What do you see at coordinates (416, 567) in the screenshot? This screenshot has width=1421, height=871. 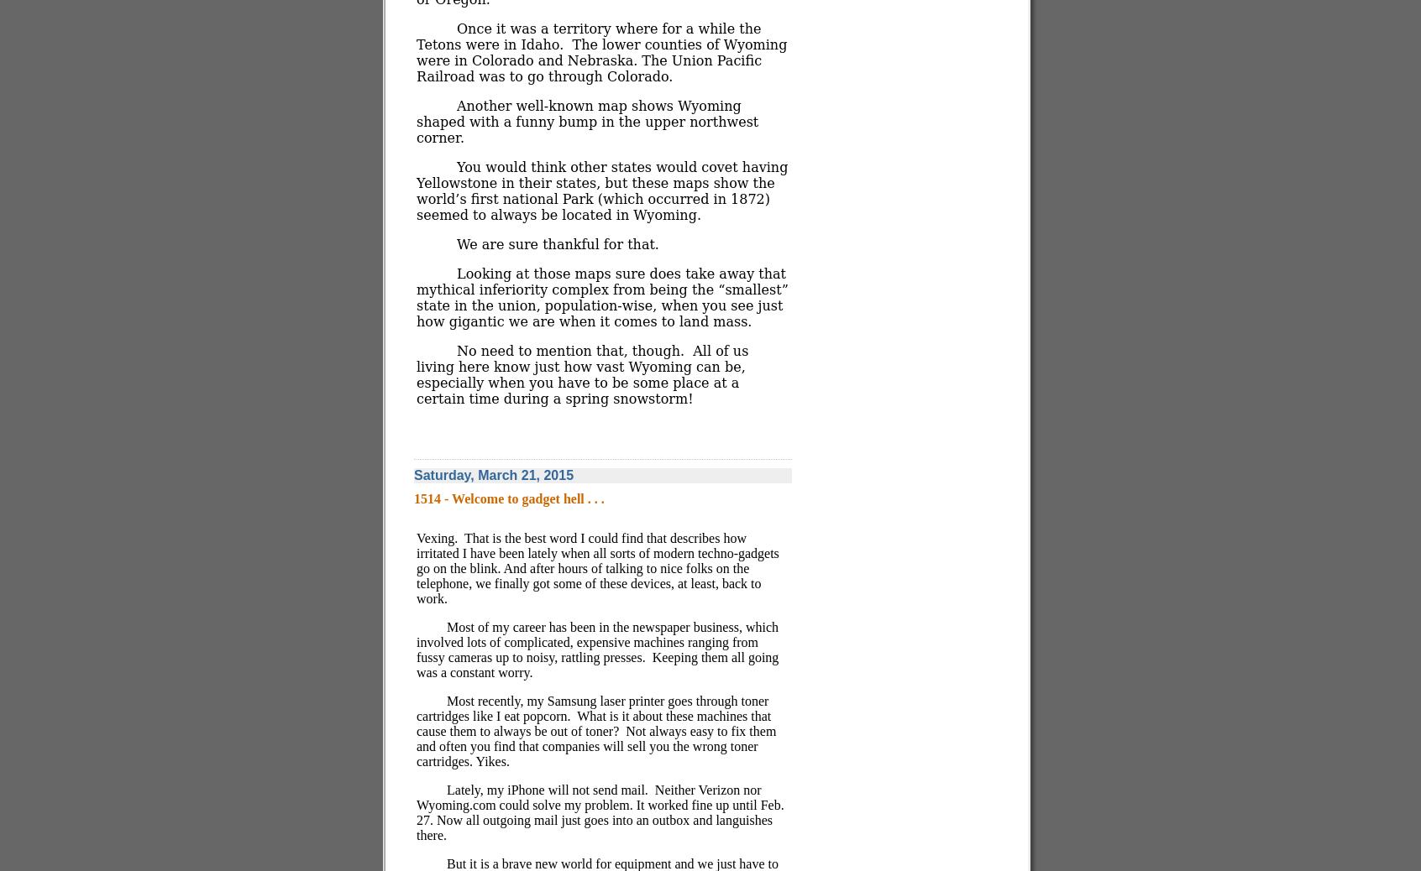 I see `'That is the
best word I could find that describes how irritated I have been lately when all
sorts of modern techno-gadgets go on the blink. And after hours of talking to
nice folks on the telephone, we finally got some of these devices, at least,
back to work.'` at bounding box center [416, 567].